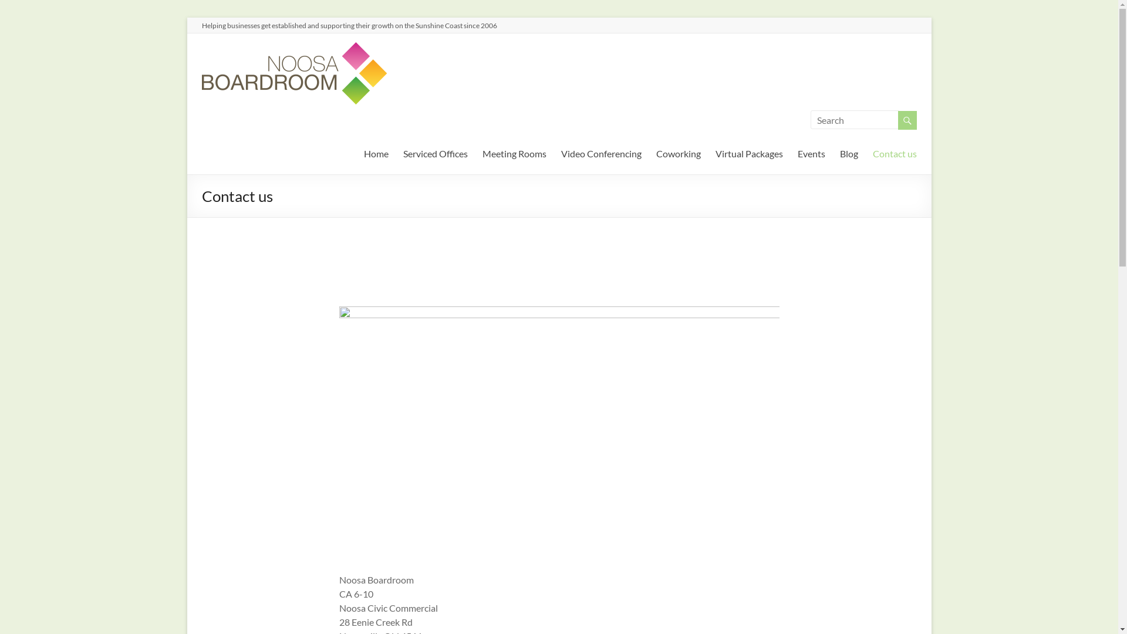 This screenshot has width=1127, height=634. Describe the element at coordinates (376, 151) in the screenshot. I see `'Home'` at that location.